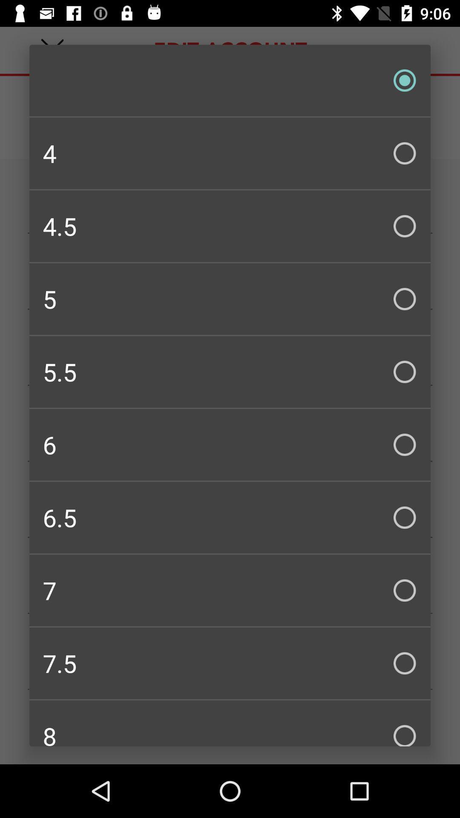  Describe the element at coordinates (230, 723) in the screenshot. I see `icon below the 7.5 icon` at that location.